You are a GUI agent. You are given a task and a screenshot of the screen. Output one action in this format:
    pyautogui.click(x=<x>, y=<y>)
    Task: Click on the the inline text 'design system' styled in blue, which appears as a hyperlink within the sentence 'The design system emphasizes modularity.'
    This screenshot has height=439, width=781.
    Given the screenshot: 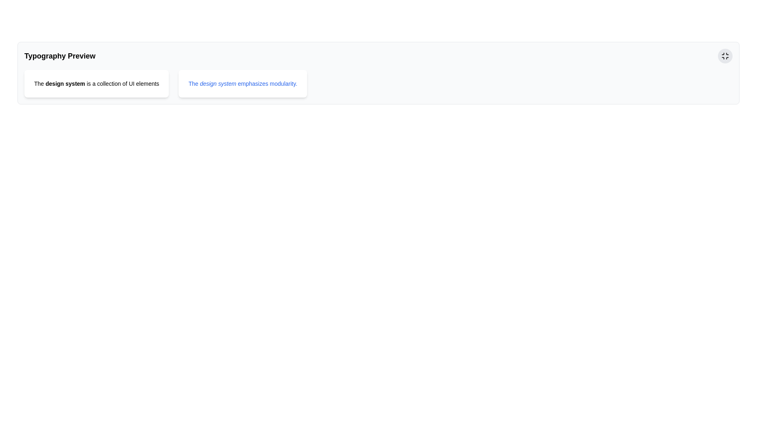 What is the action you would take?
    pyautogui.click(x=218, y=83)
    